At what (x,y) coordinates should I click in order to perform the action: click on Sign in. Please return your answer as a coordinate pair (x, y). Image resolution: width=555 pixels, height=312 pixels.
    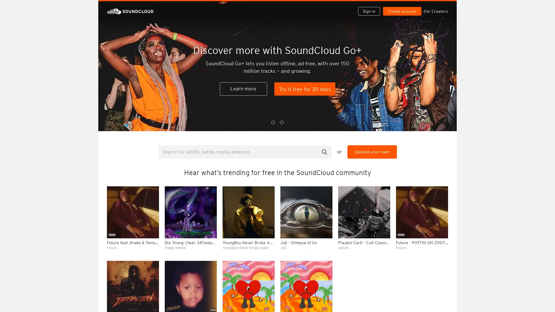
    Looking at the image, I should click on (369, 11).